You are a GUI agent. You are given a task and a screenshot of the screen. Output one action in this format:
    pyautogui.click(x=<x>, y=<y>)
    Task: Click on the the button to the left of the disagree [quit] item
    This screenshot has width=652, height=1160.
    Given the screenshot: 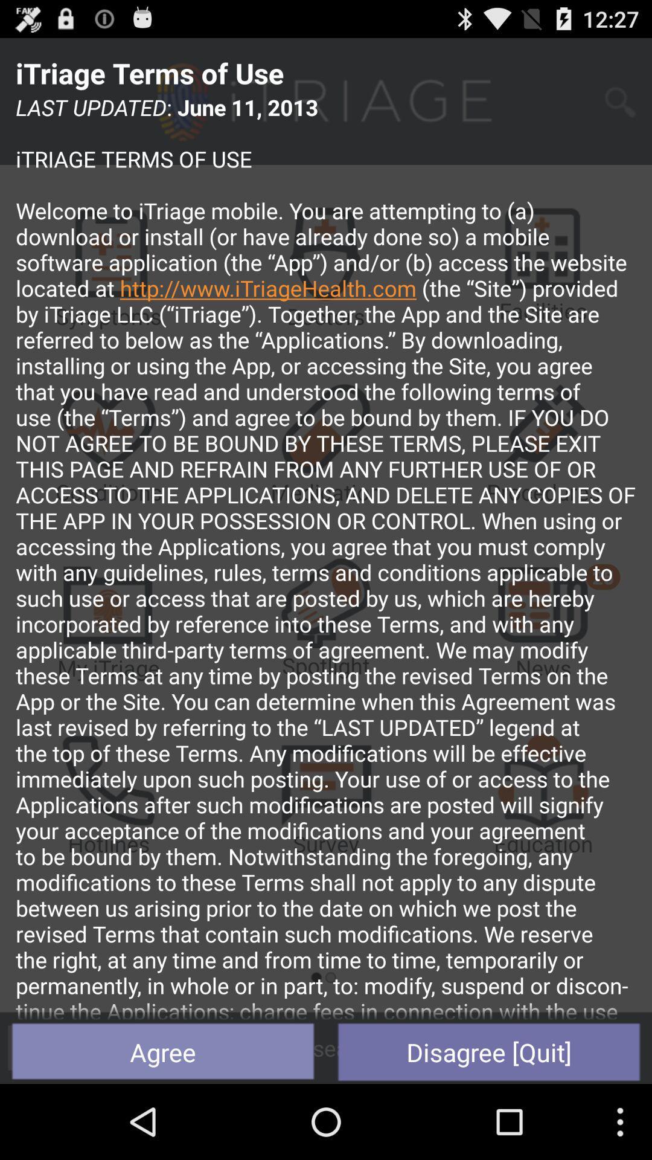 What is the action you would take?
    pyautogui.click(x=163, y=1051)
    